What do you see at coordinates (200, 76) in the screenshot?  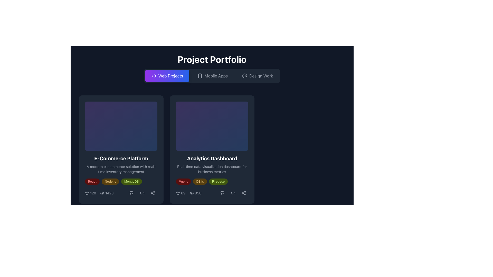 I see `the graphical representation of the 'Mobile Apps' project category icon, which is a part of an SVG element located centrally within the header bar` at bounding box center [200, 76].